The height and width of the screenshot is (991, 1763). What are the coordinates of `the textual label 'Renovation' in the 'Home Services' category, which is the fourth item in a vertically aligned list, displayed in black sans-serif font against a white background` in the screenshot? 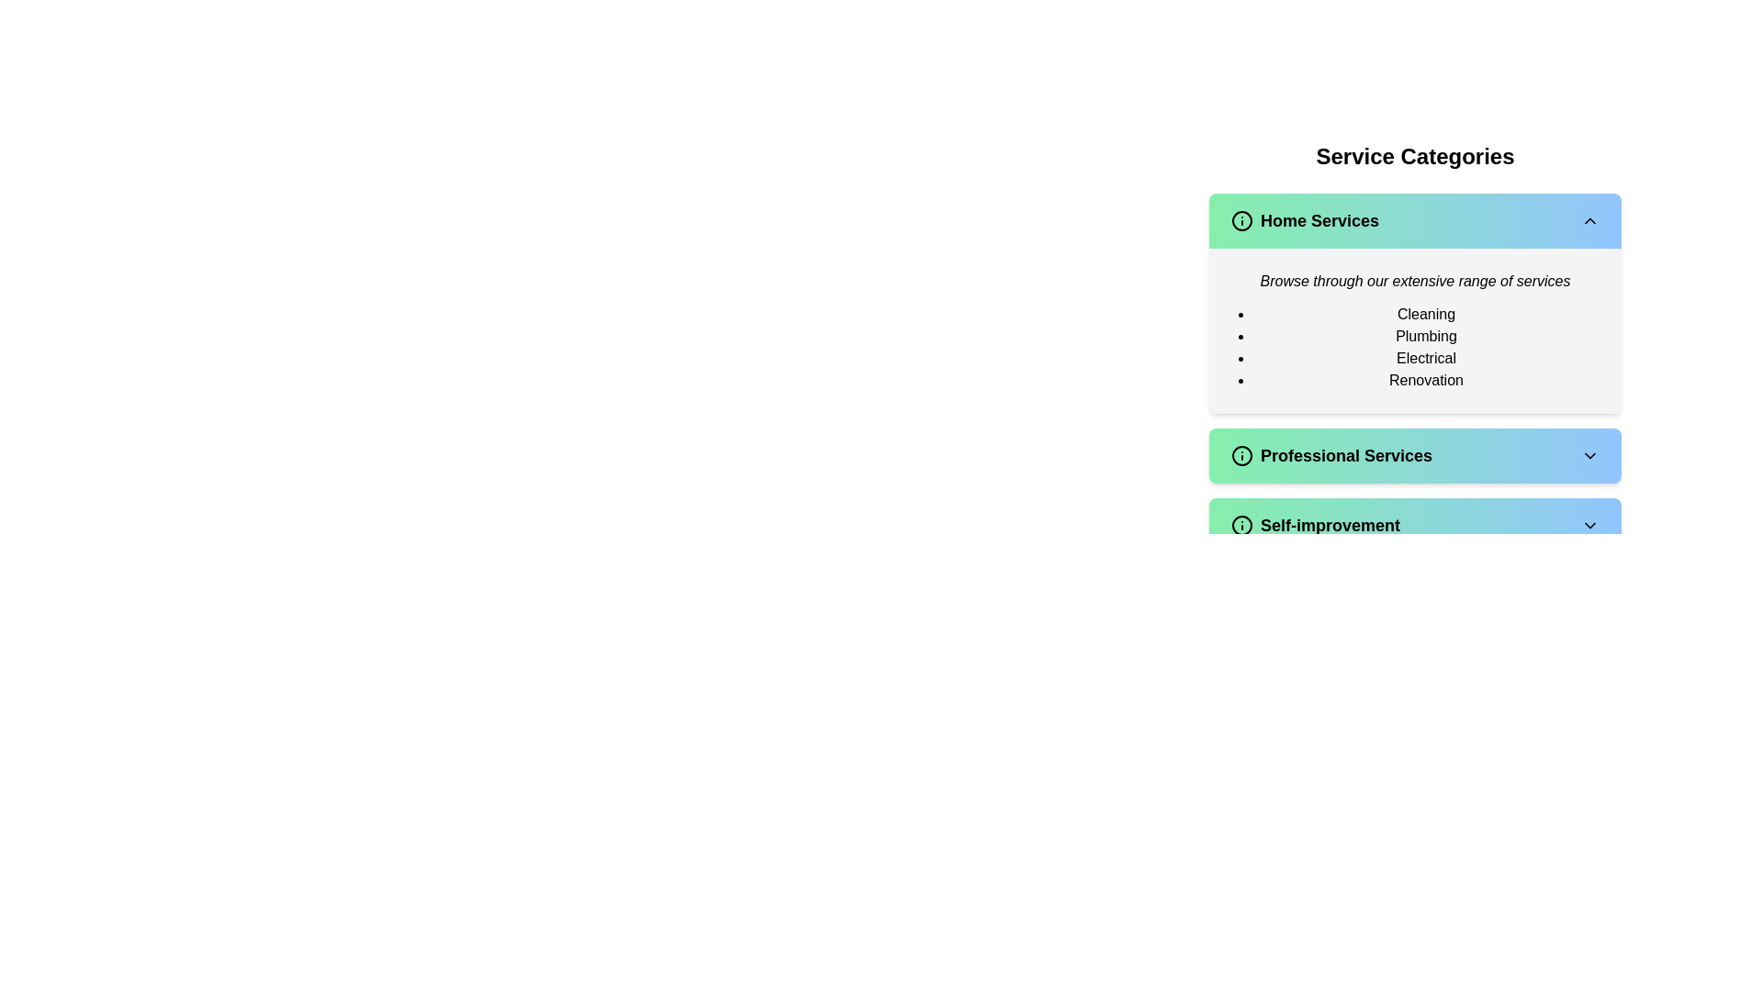 It's located at (1425, 380).